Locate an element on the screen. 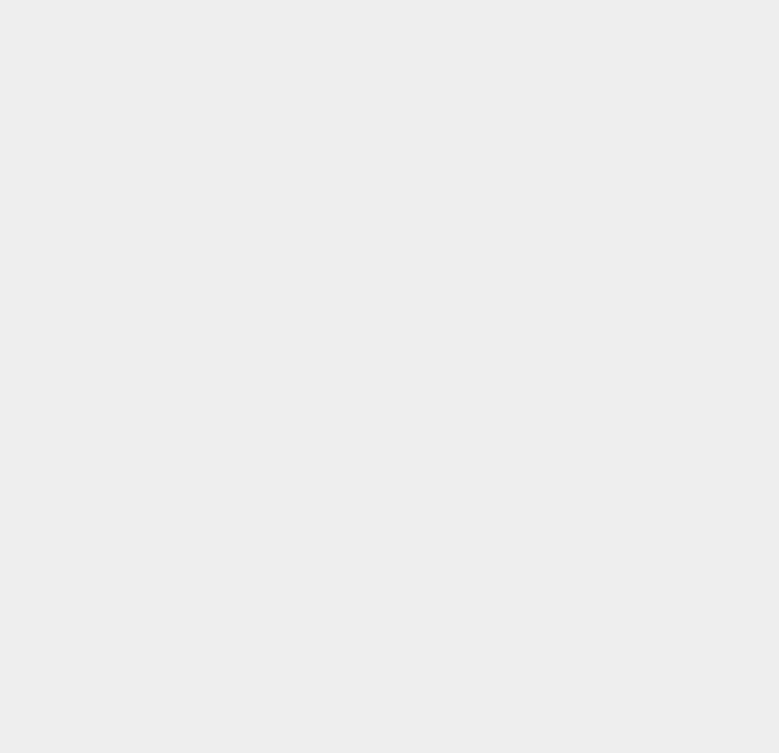 The height and width of the screenshot is (753, 779). 'Xbox One' is located at coordinates (572, 398).